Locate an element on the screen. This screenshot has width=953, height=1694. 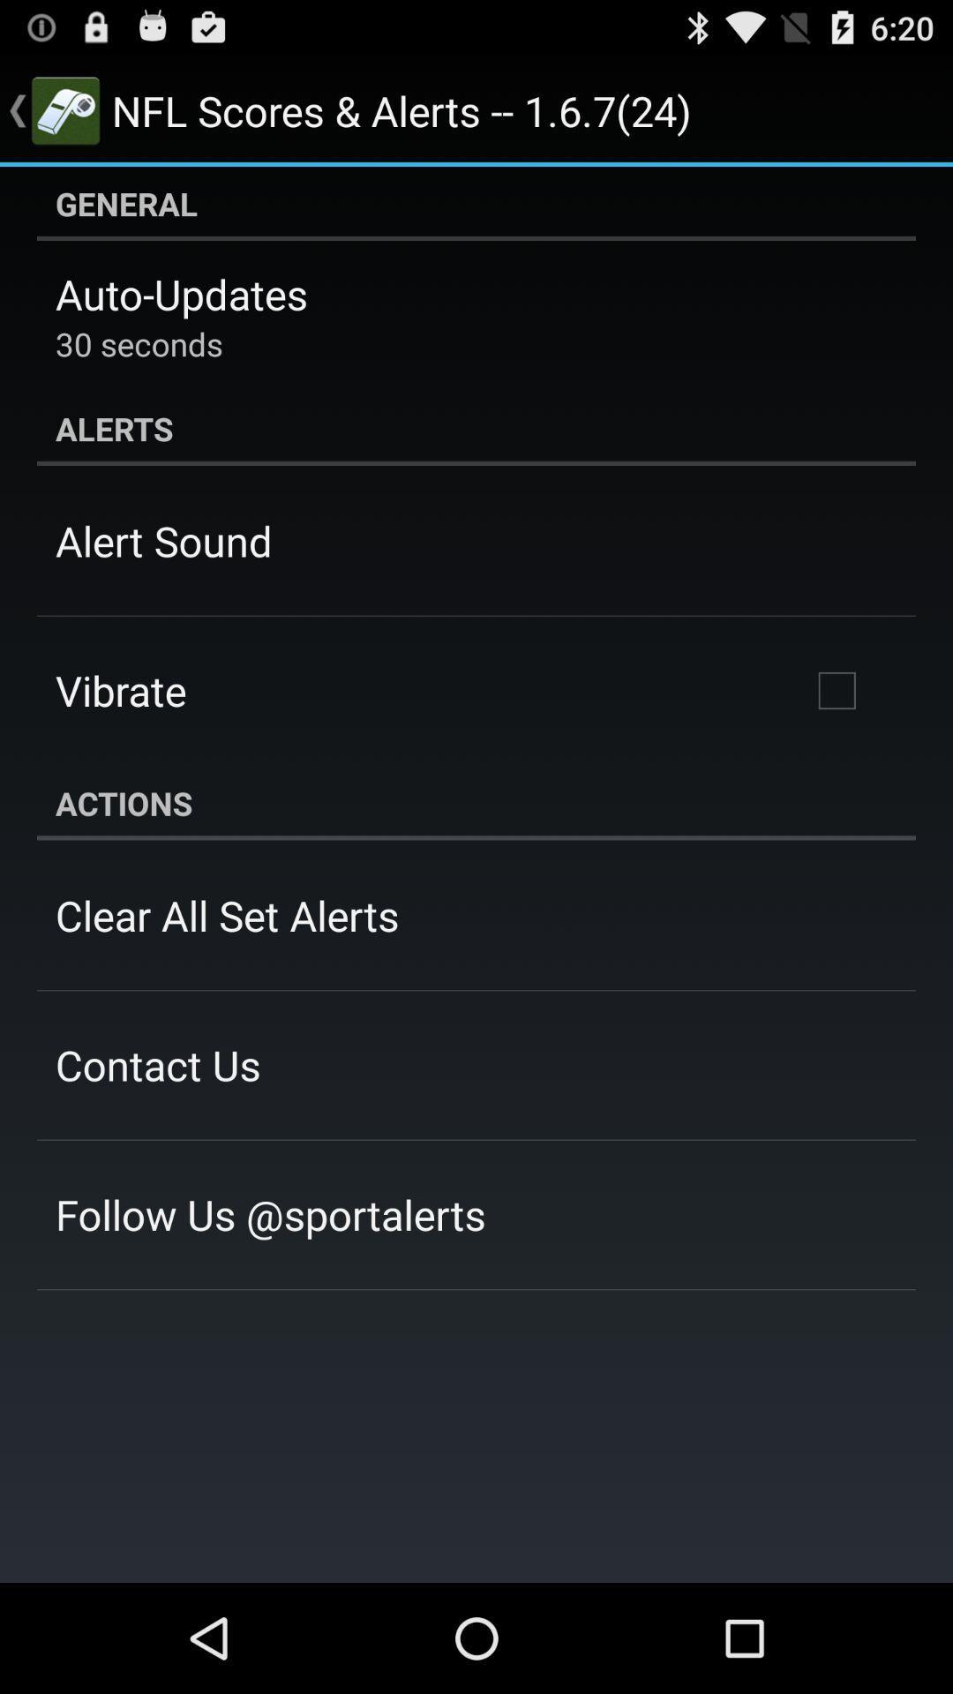
the item below the auto-updates is located at coordinates (138, 343).